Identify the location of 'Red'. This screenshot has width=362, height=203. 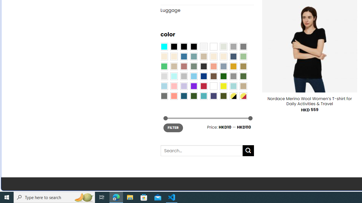
(204, 86).